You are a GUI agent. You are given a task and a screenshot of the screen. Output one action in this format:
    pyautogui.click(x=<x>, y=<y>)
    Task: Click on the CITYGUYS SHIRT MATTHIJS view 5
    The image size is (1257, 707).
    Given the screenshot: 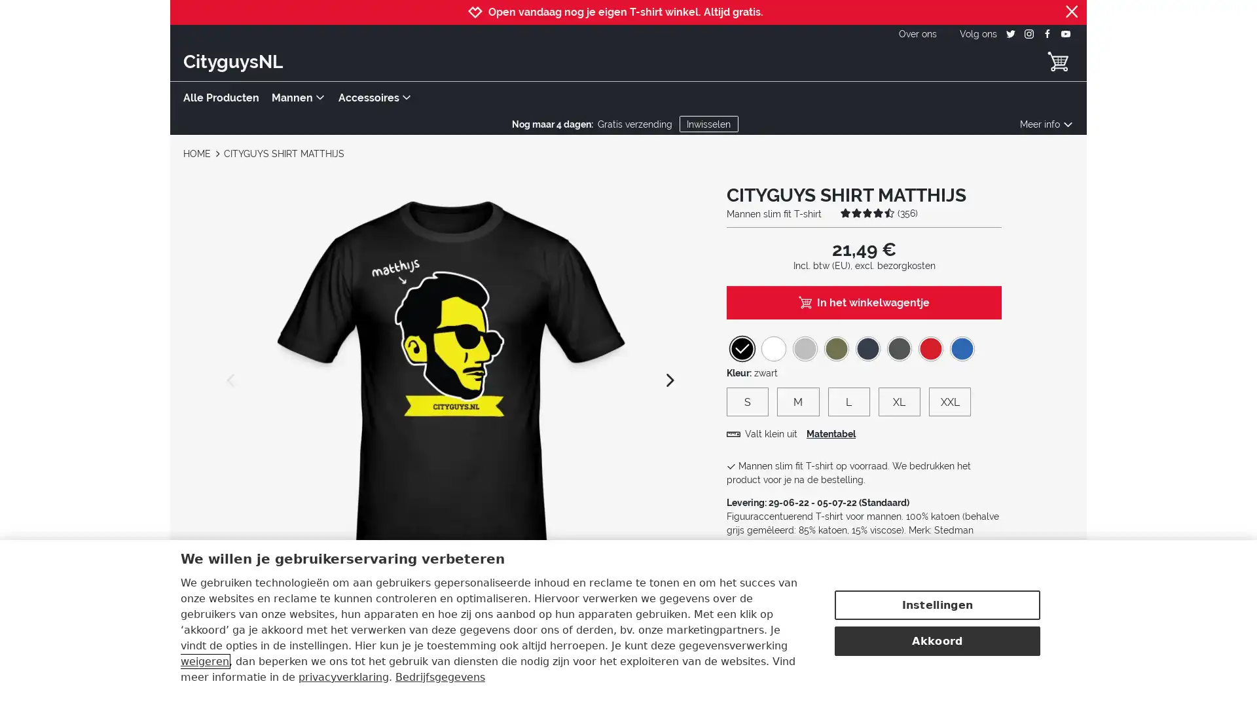 What is the action you would take?
    pyautogui.click(x=561, y=623)
    